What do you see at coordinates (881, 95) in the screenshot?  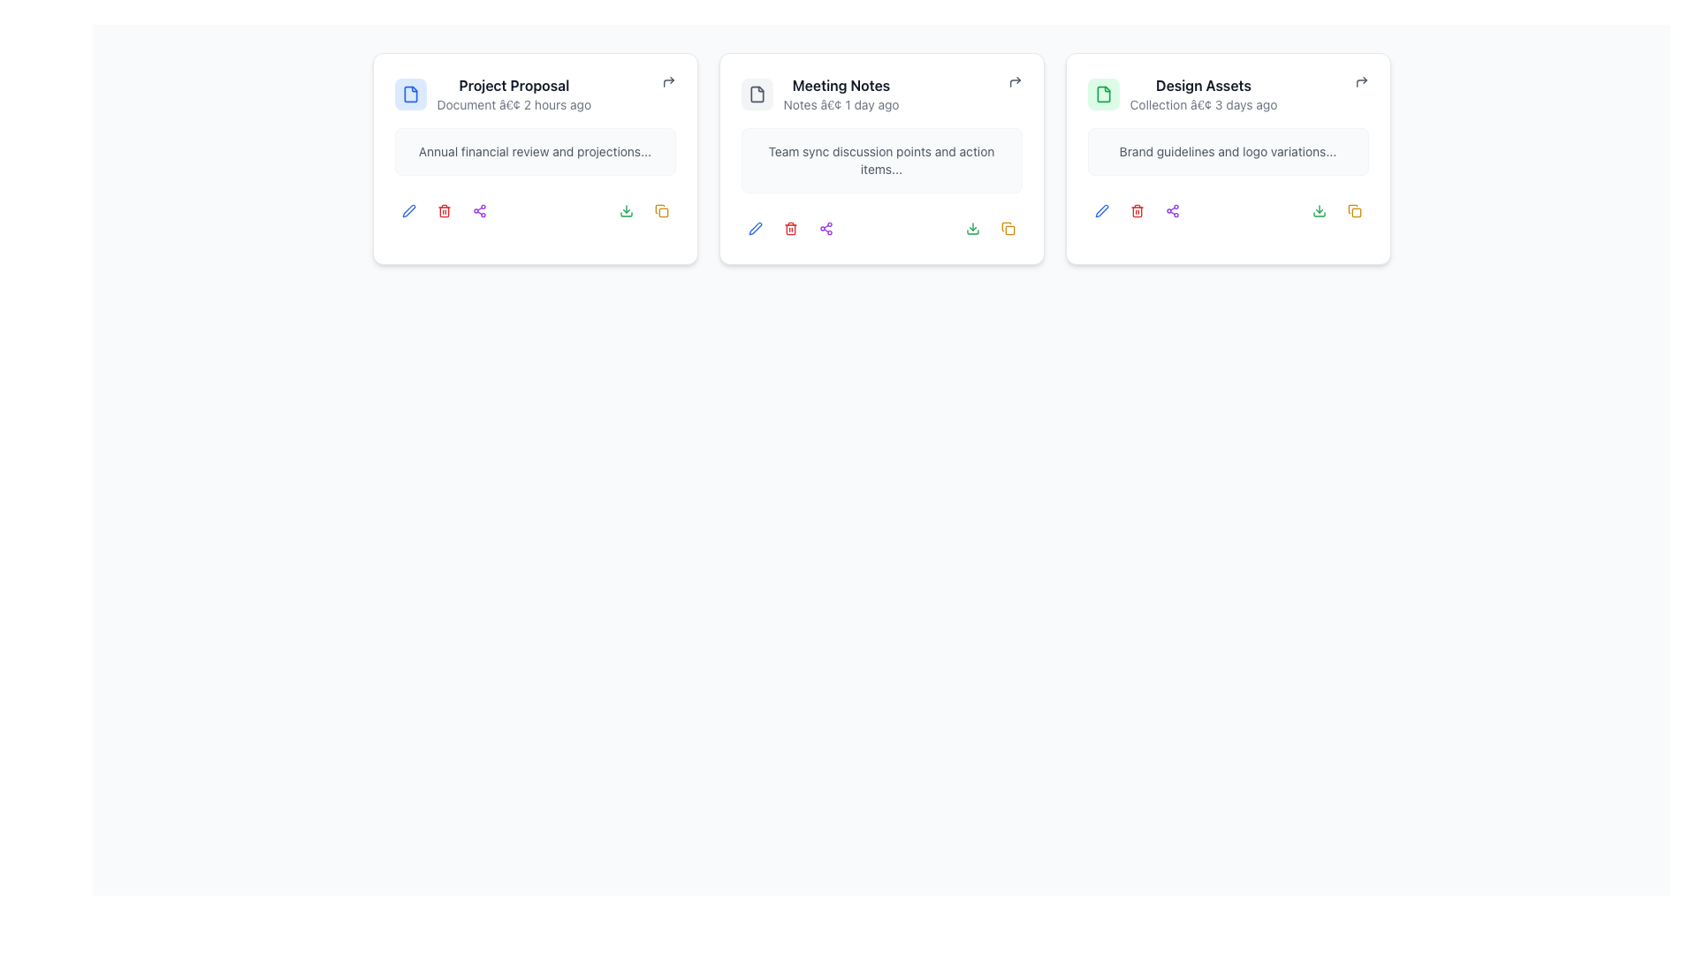 I see `the textual content display with accompanying icon` at bounding box center [881, 95].